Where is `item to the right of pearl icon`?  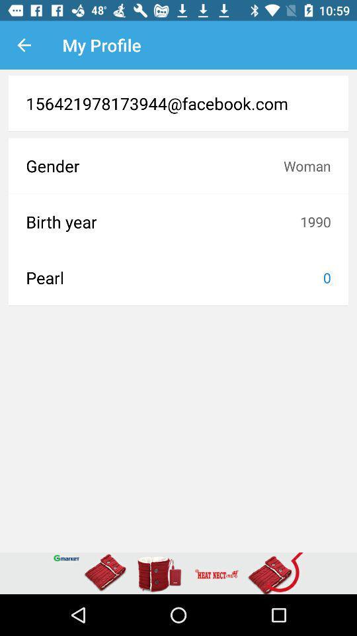 item to the right of pearl icon is located at coordinates (326, 277).